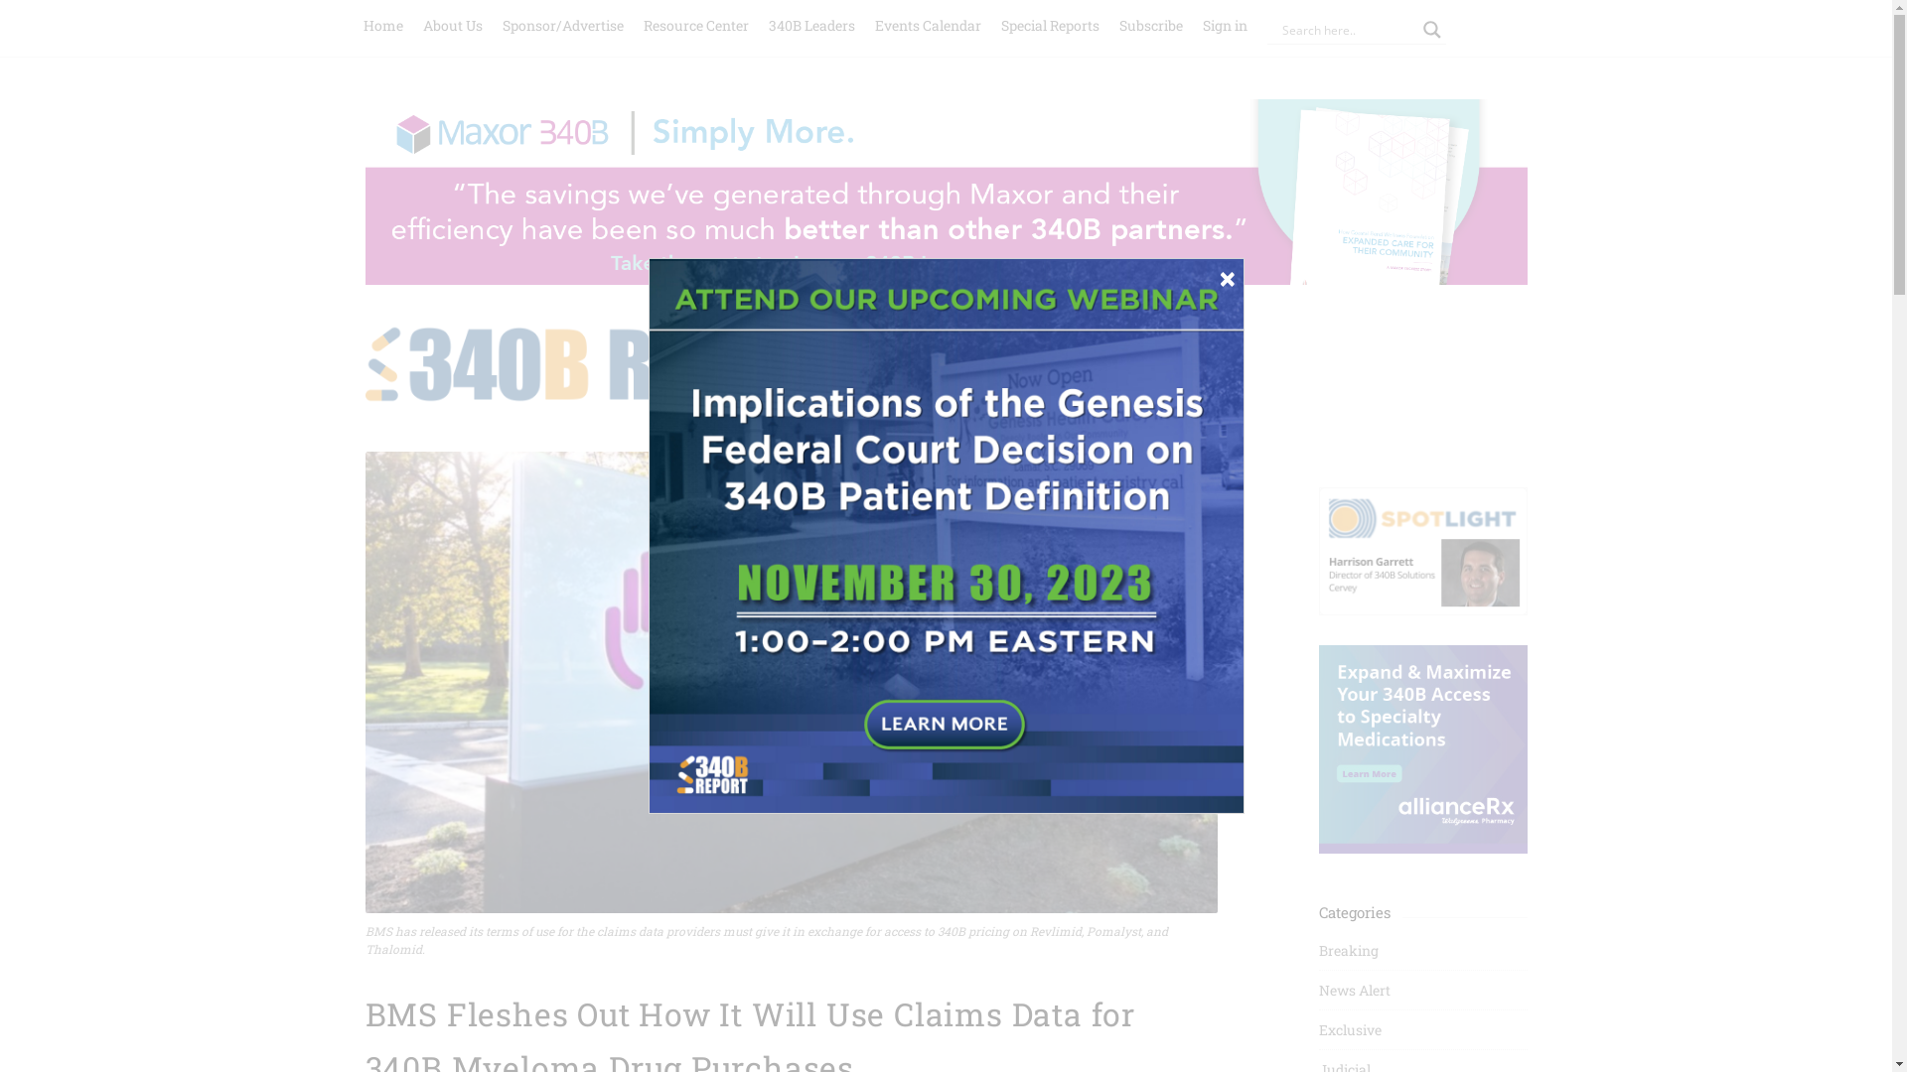  What do you see at coordinates (695, 24) in the screenshot?
I see `'Resource Center'` at bounding box center [695, 24].